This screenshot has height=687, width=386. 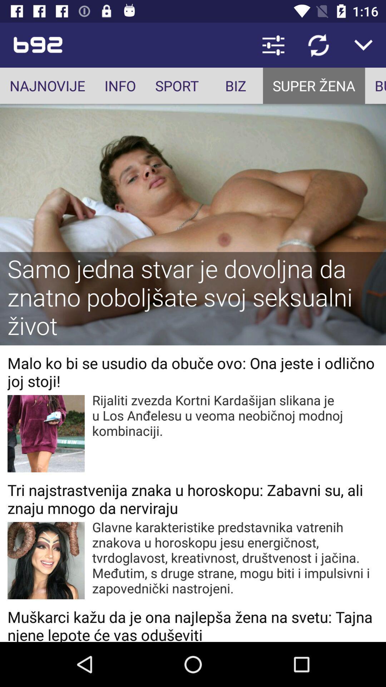 What do you see at coordinates (363, 44) in the screenshot?
I see `the expand_more icon` at bounding box center [363, 44].